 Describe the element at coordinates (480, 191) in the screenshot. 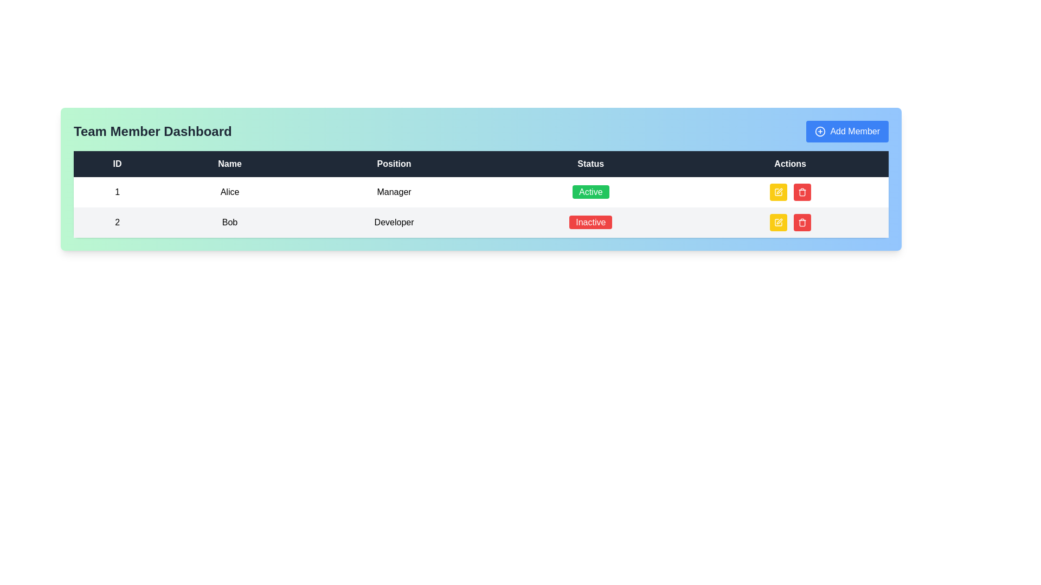

I see `the first table row representing the team member 'Alice'` at that location.